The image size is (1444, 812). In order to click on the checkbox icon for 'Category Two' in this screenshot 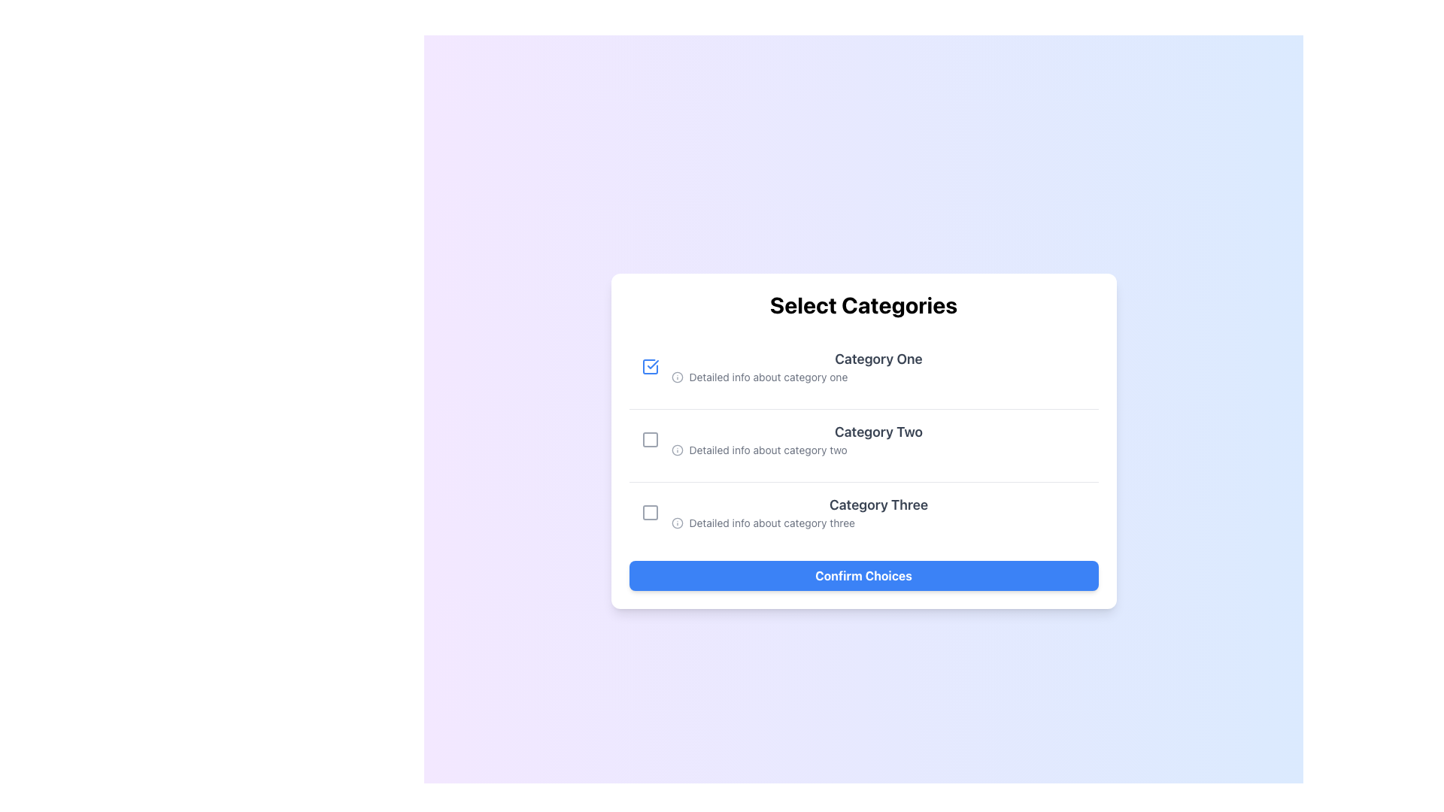, I will do `click(650, 440)`.